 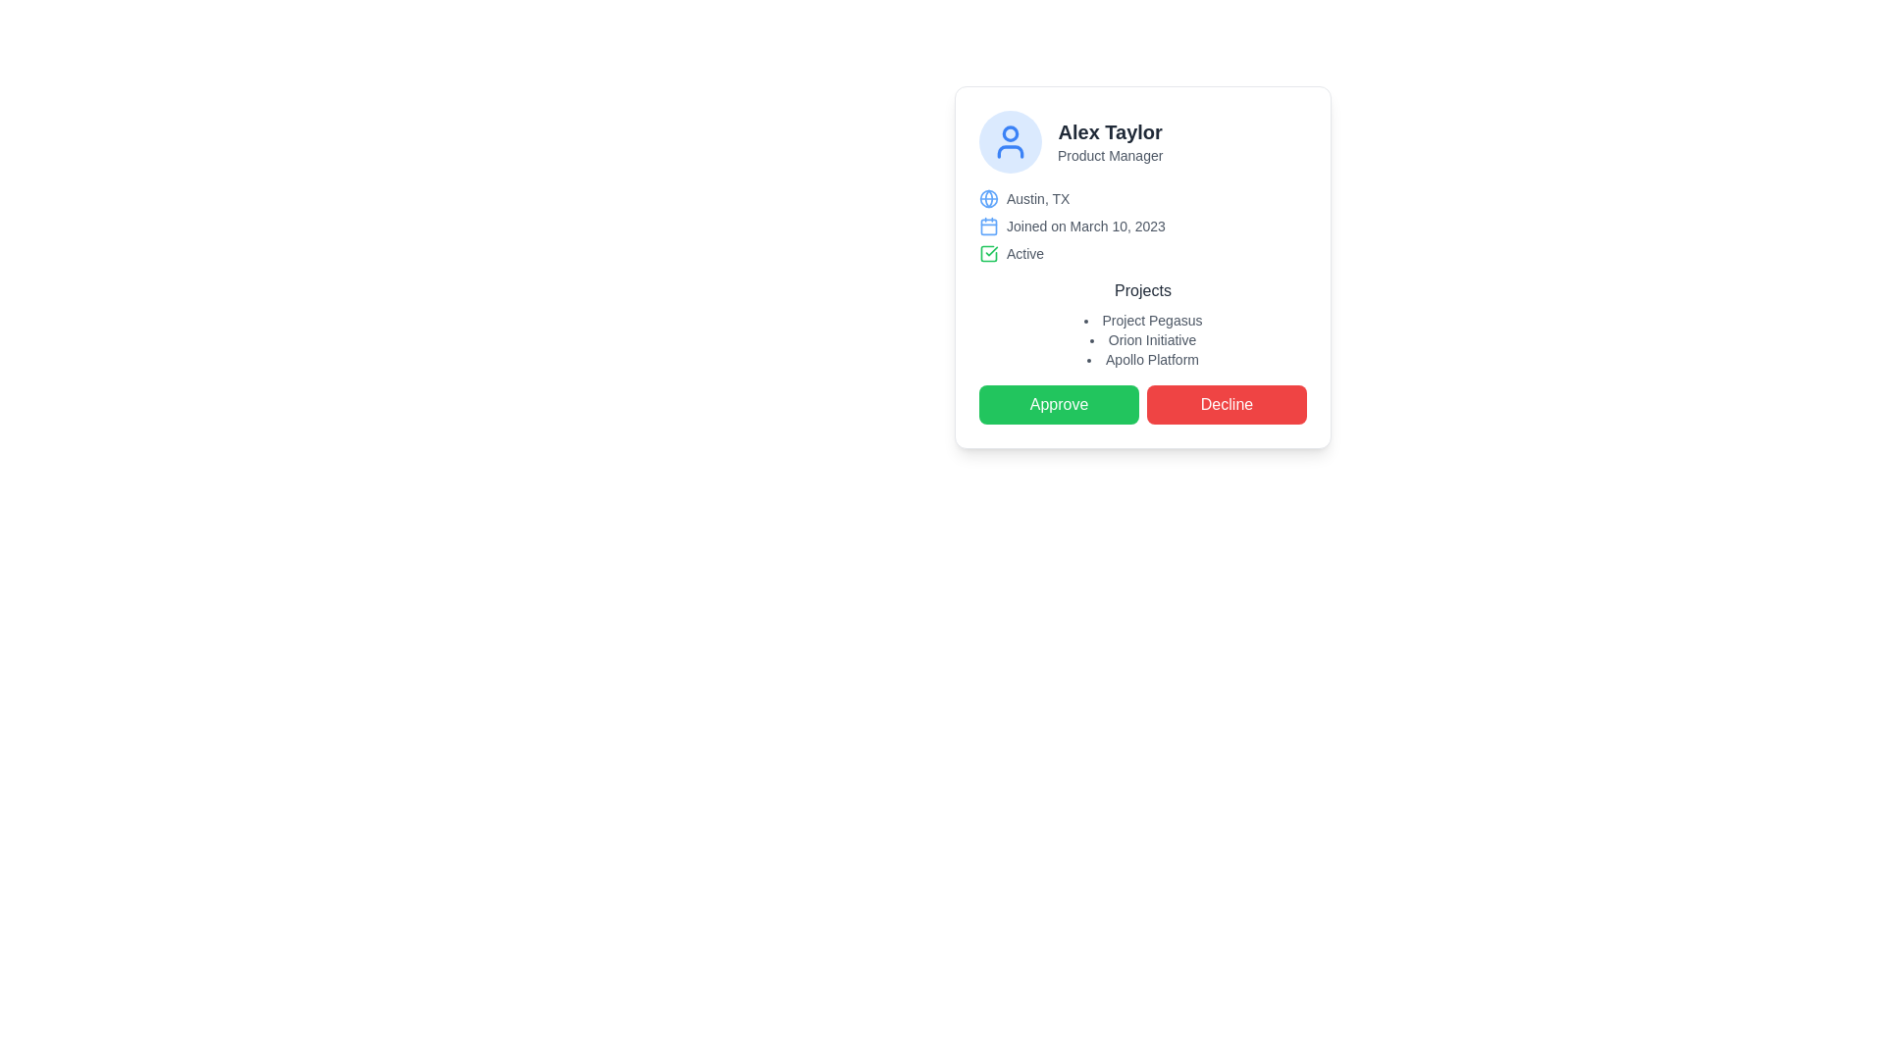 What do you see at coordinates (1226, 403) in the screenshot?
I see `the 'Decline' button` at bounding box center [1226, 403].